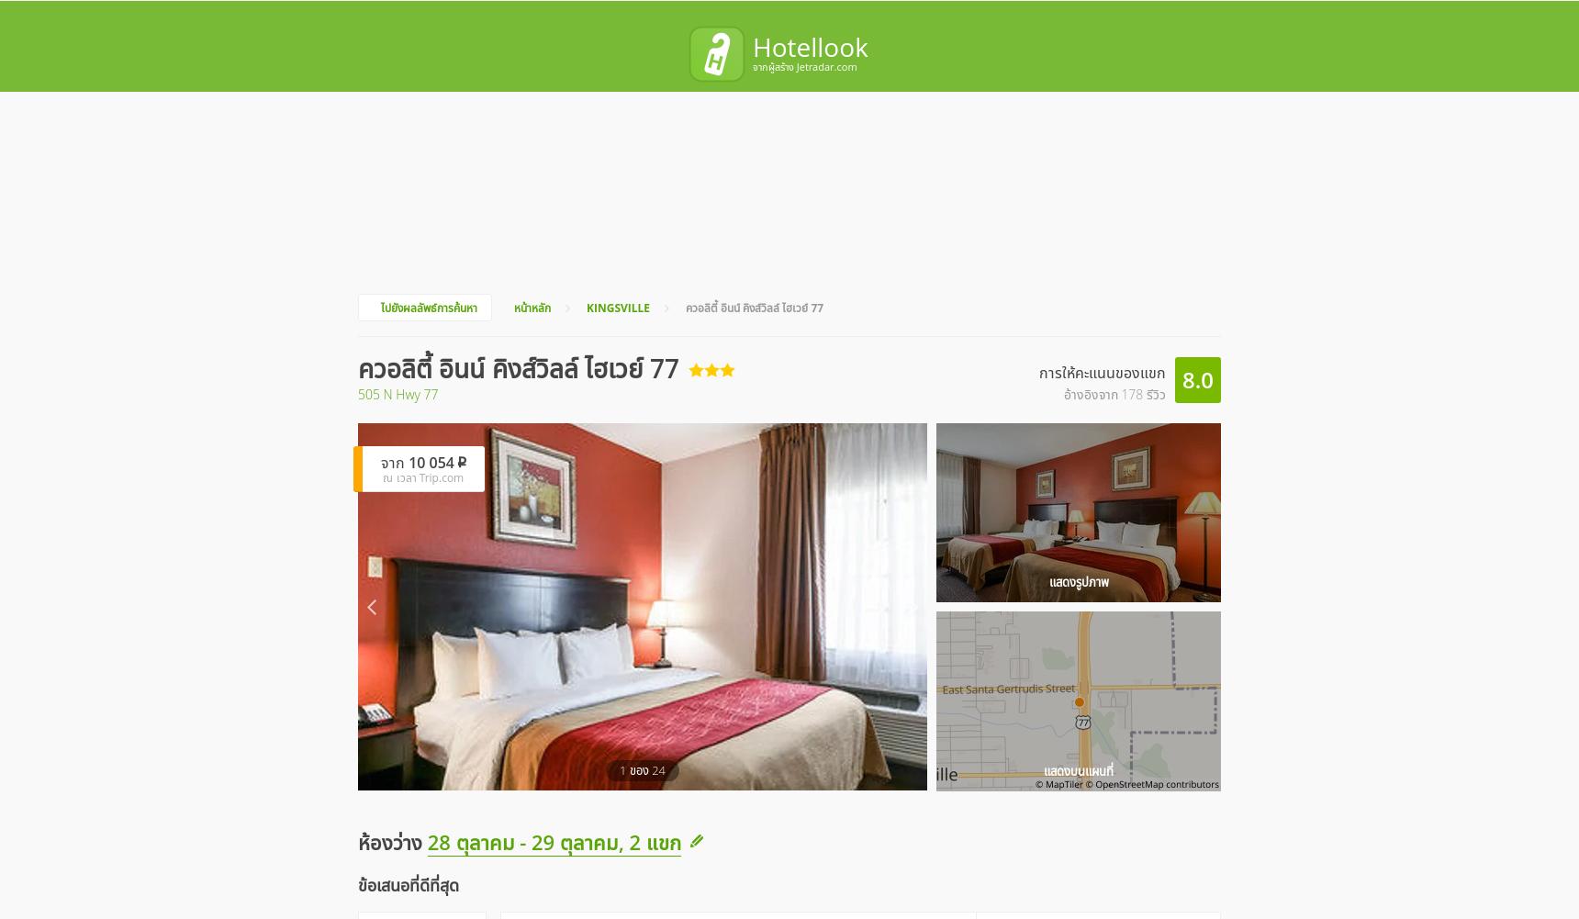  Describe the element at coordinates (1018, 24) in the screenshot. I see `'12 573'` at that location.